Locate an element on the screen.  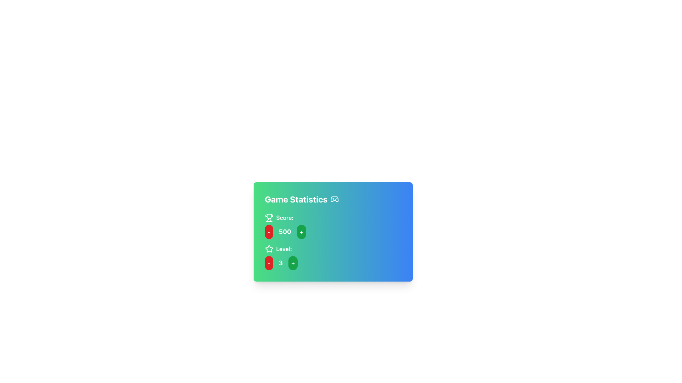
the increment button located to the right of the numeric text displaying '3' to change the background color is located at coordinates (293, 263).